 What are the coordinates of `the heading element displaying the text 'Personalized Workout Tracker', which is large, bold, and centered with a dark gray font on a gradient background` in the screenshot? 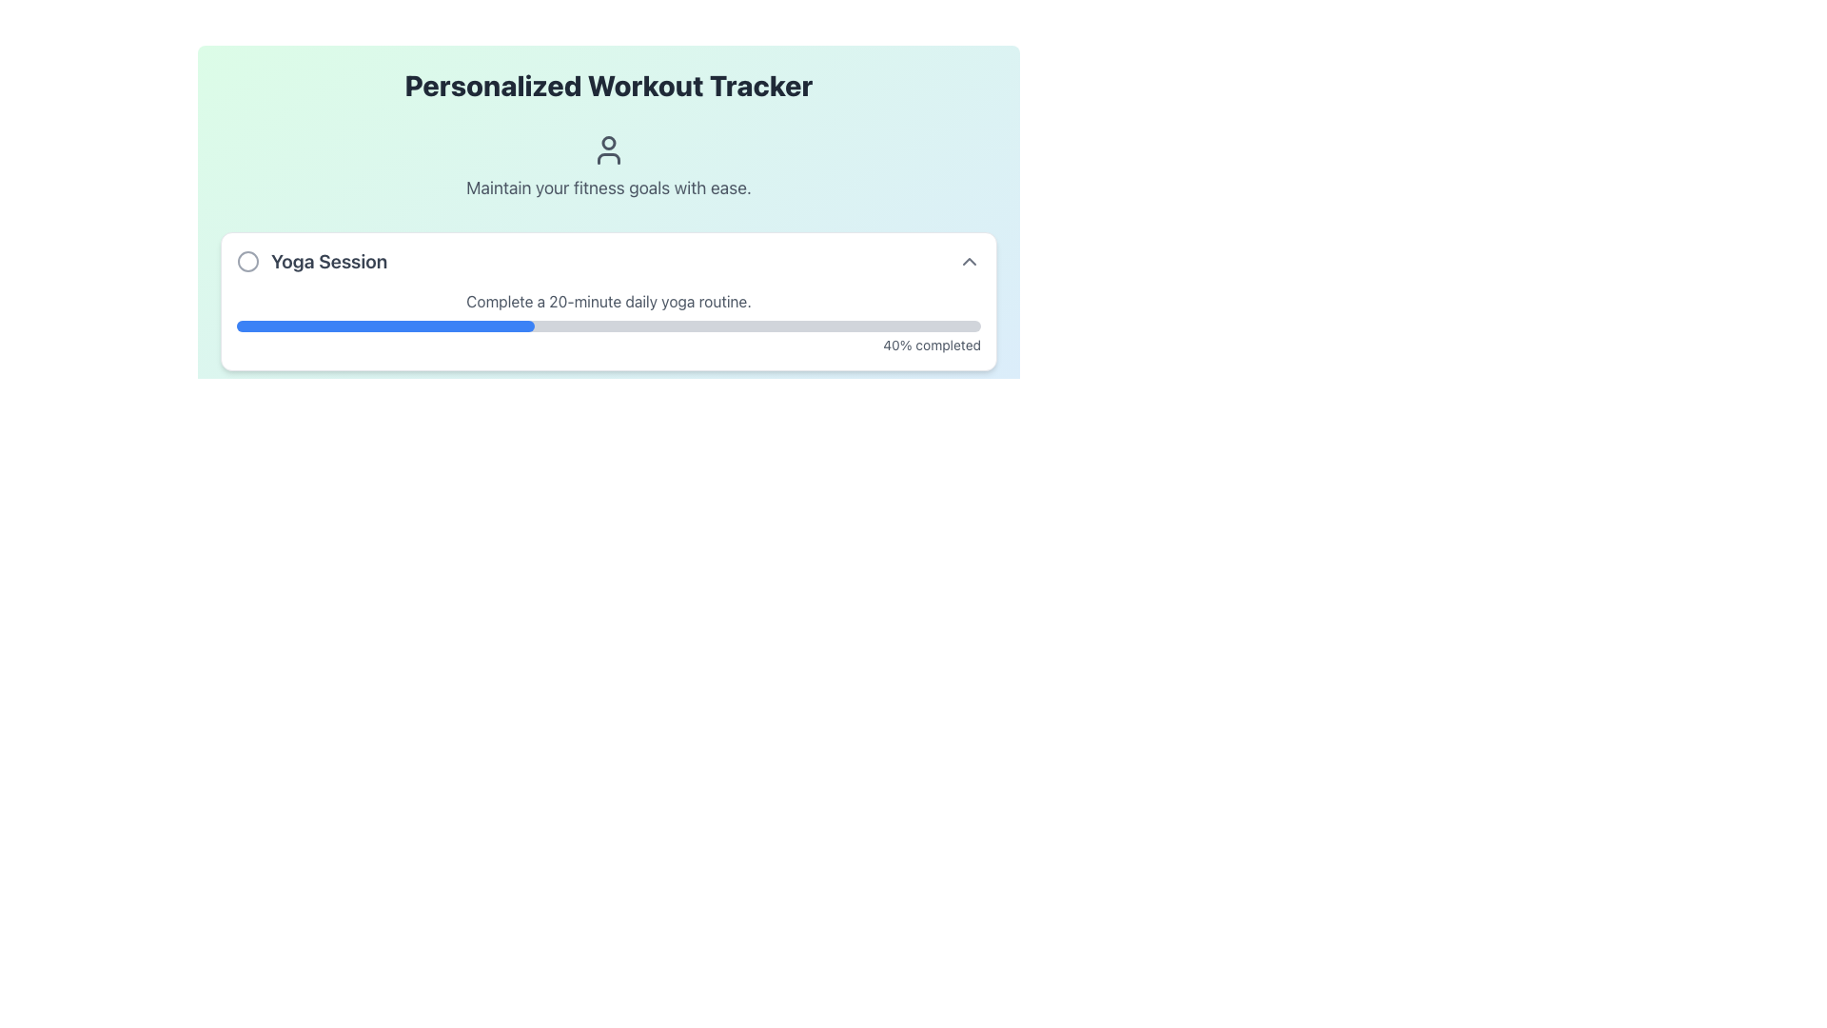 It's located at (607, 84).